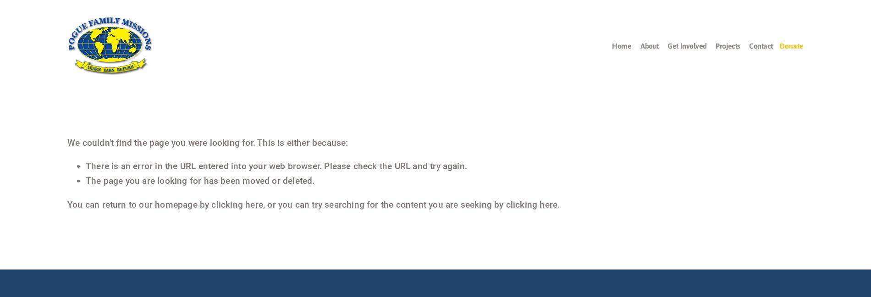 The height and width of the screenshot is (297, 871). I want to click on 'We couldn't find the page you were looking for. This is either because:', so click(207, 142).